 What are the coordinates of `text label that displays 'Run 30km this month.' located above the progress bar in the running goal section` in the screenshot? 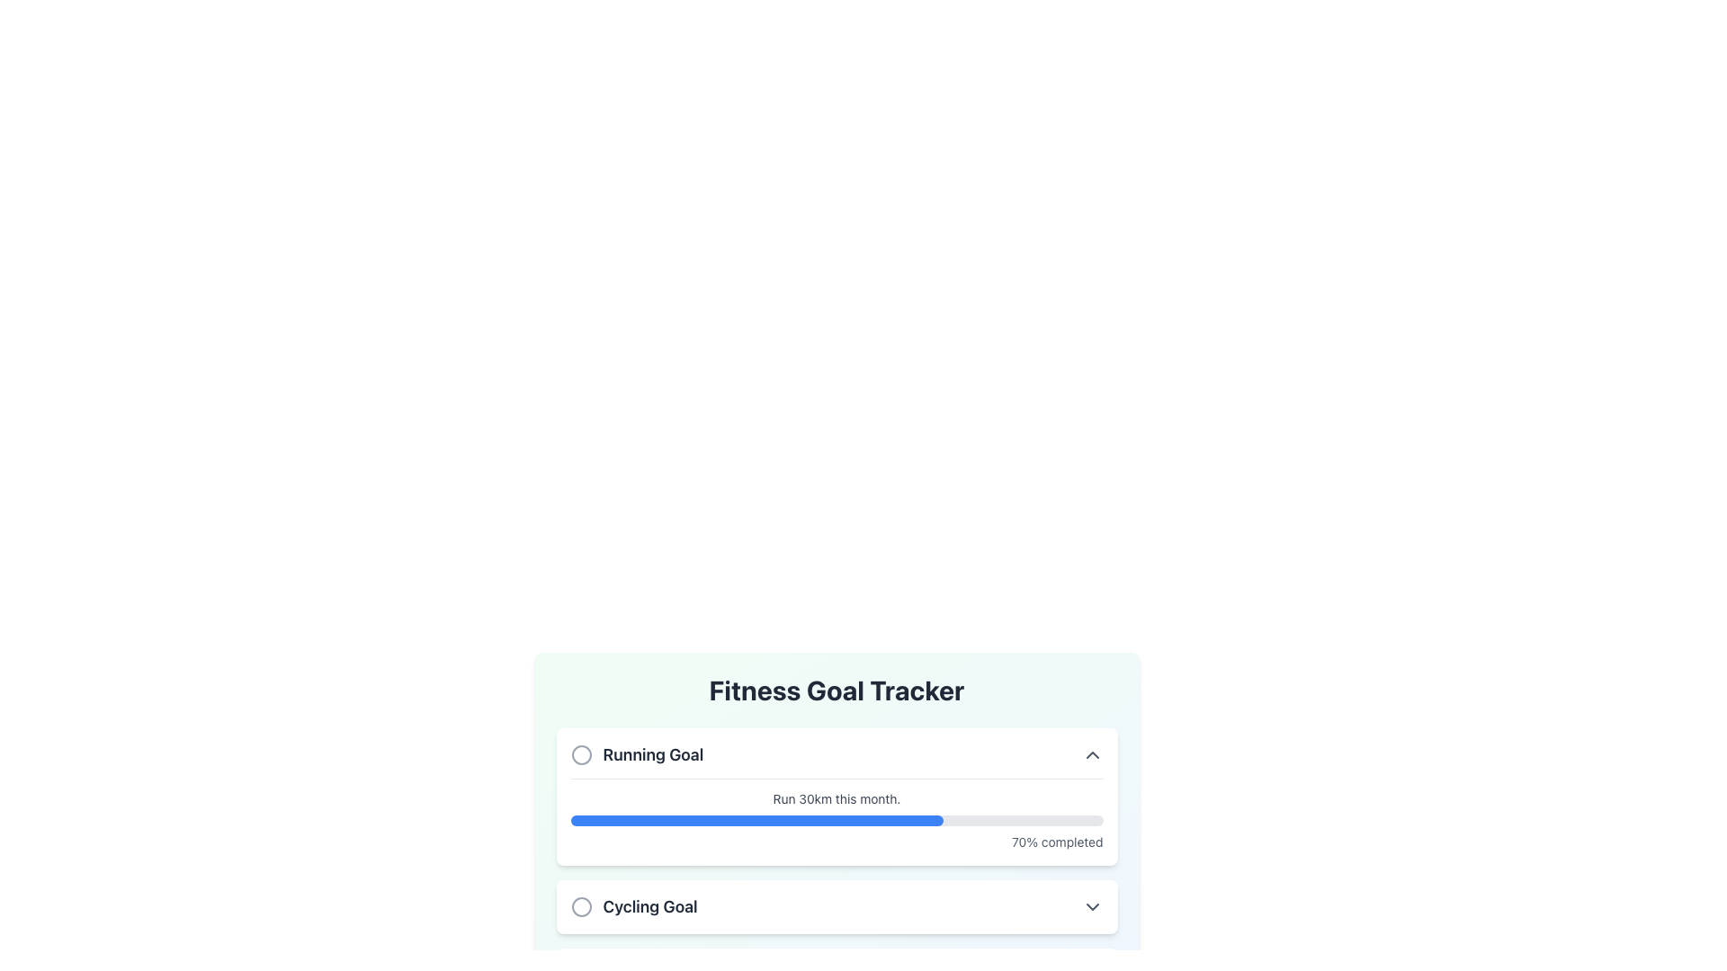 It's located at (836, 797).